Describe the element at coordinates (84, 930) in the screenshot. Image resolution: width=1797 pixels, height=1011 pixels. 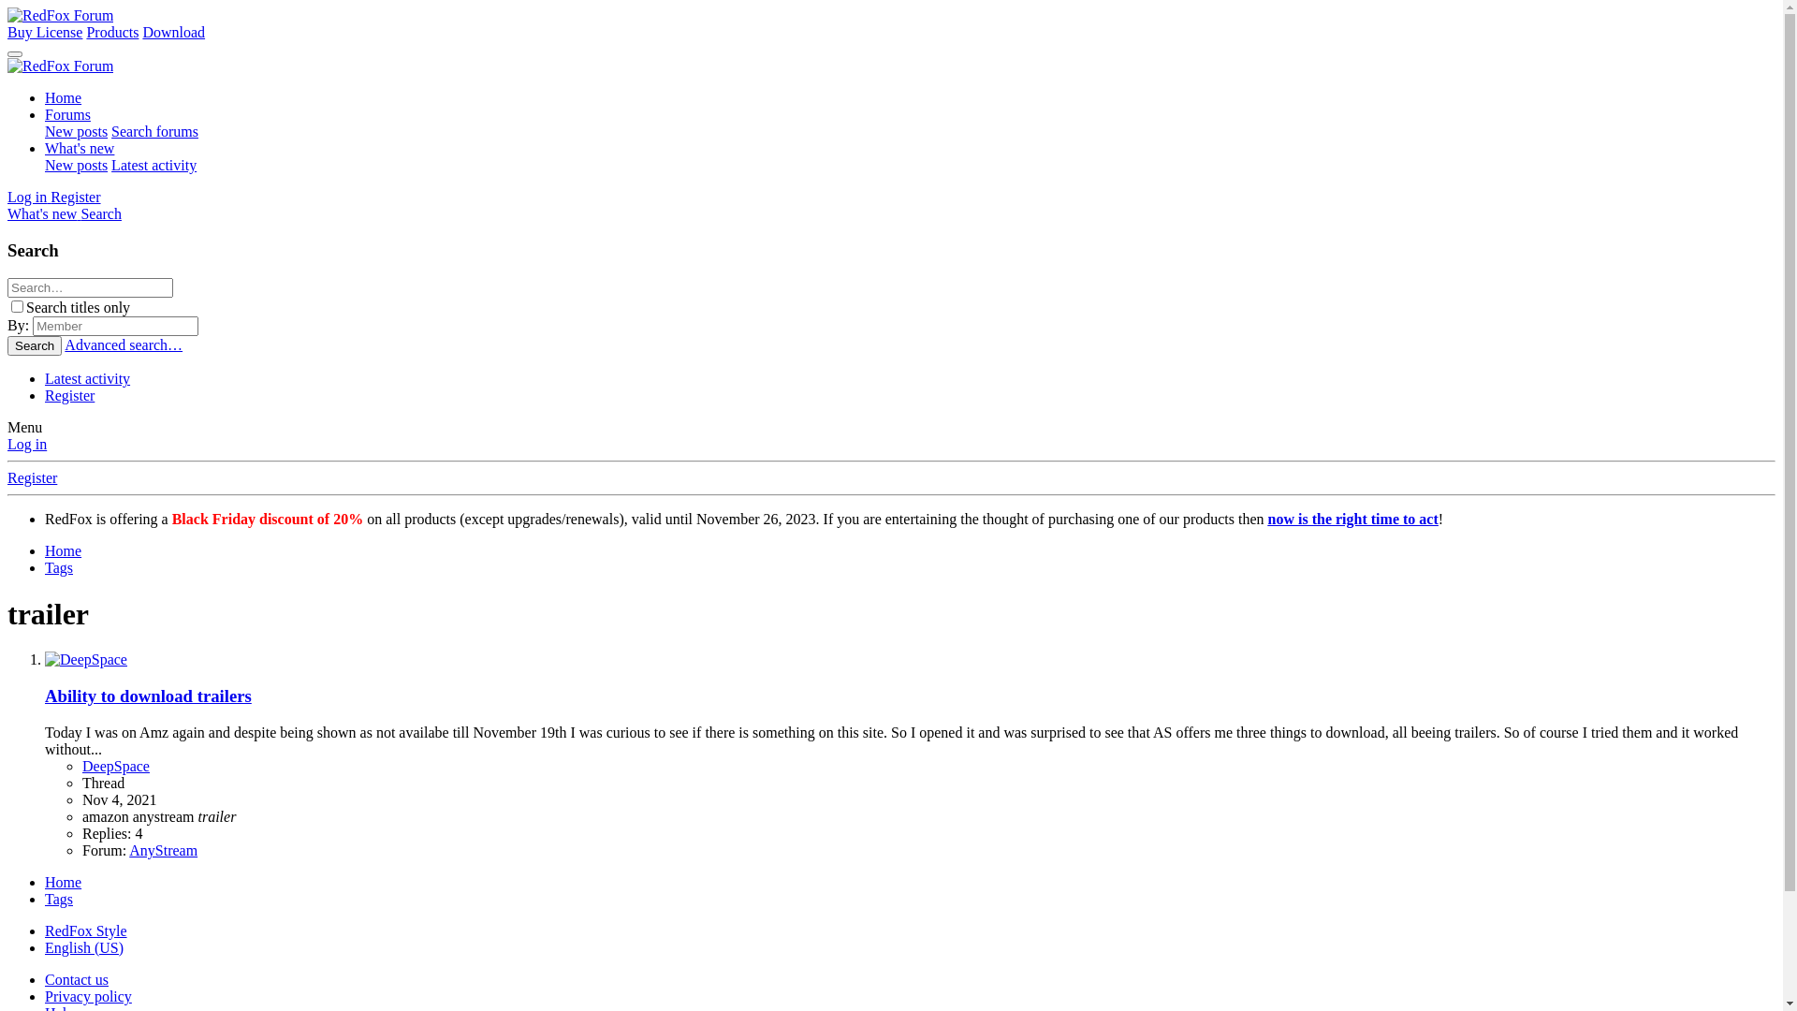
I see `'RedFox Style'` at that location.